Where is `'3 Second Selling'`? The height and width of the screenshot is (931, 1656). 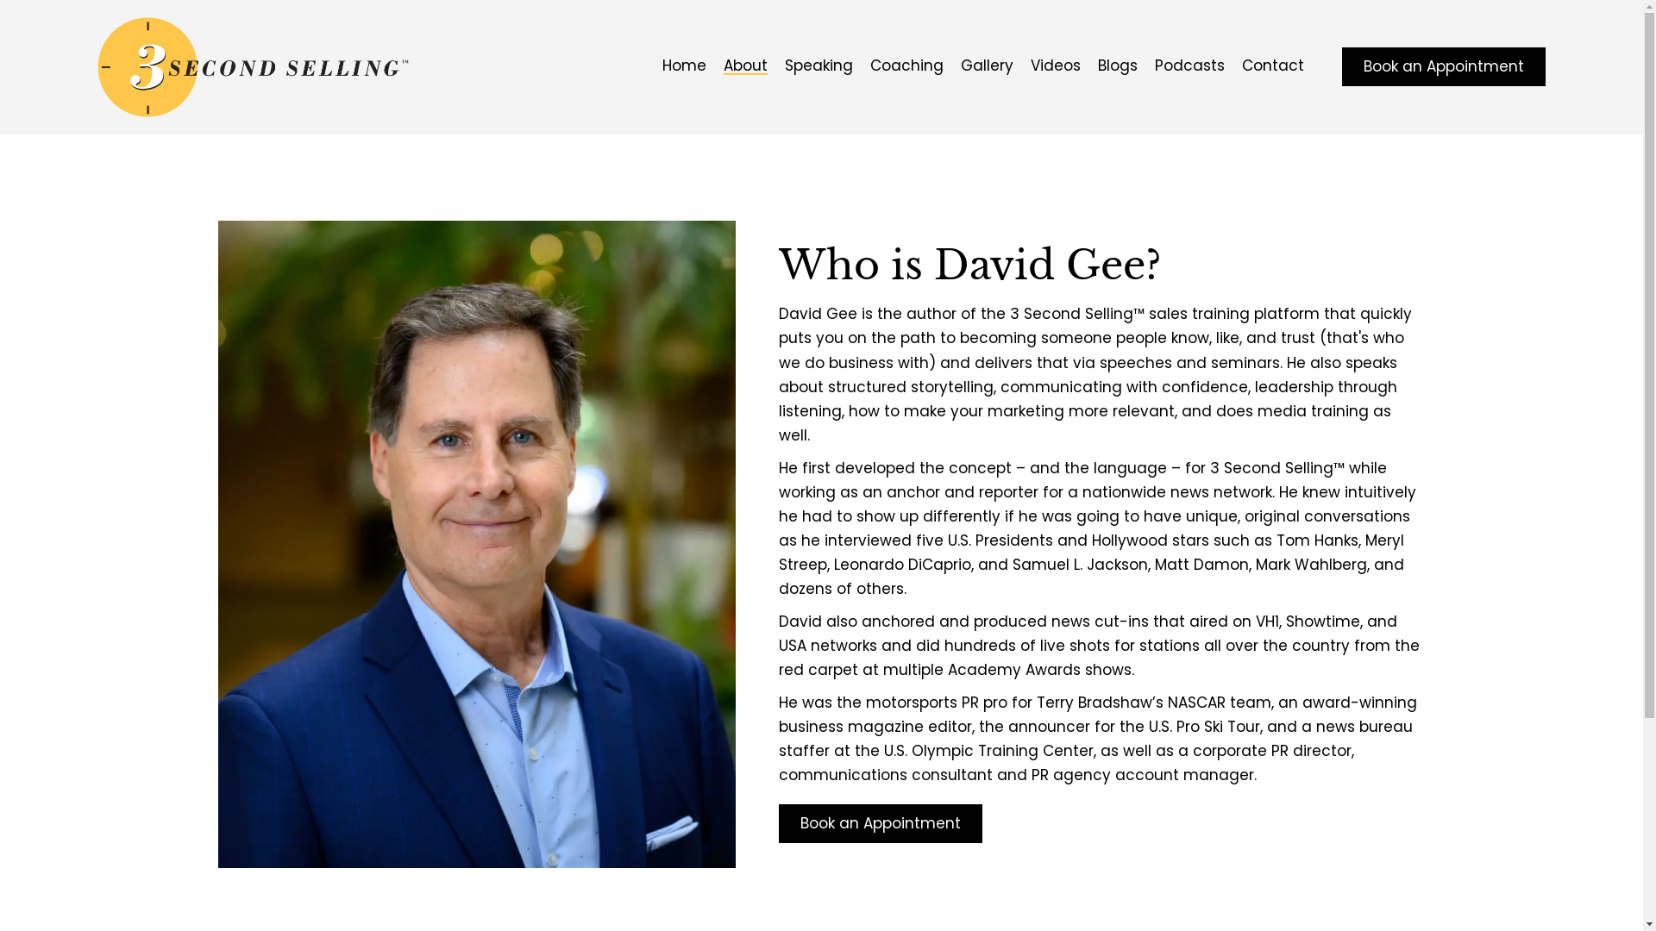 '3 Second Selling' is located at coordinates (476, 544).